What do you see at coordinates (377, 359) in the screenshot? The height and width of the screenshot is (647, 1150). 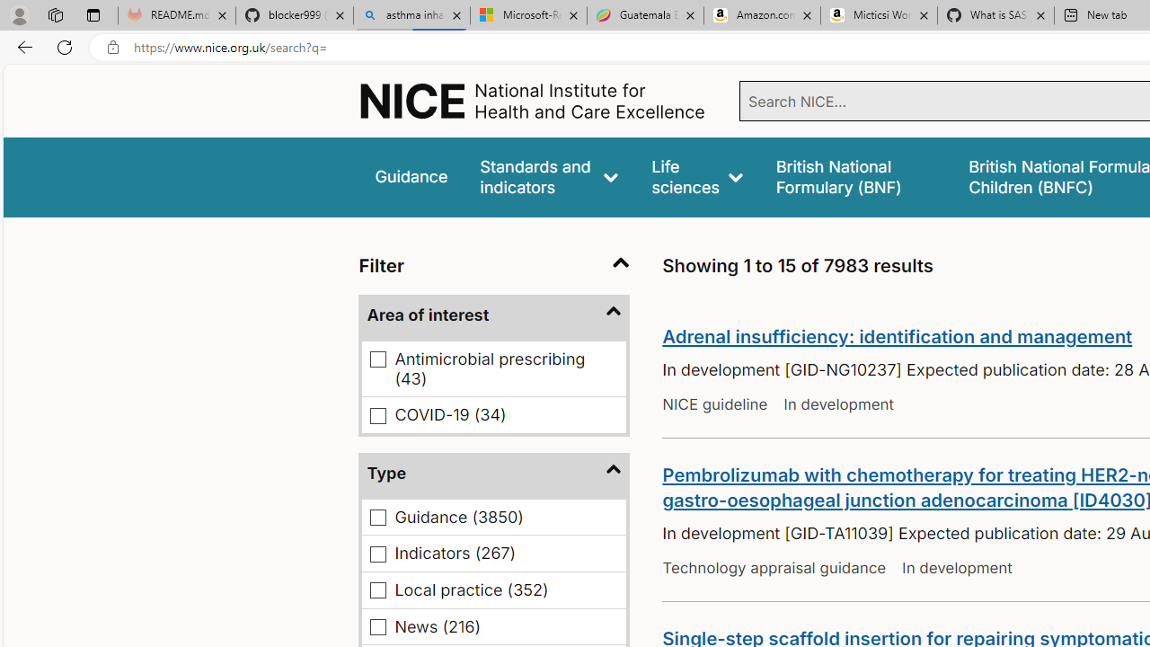 I see `'Antimicrobial prescribing (43)'` at bounding box center [377, 359].